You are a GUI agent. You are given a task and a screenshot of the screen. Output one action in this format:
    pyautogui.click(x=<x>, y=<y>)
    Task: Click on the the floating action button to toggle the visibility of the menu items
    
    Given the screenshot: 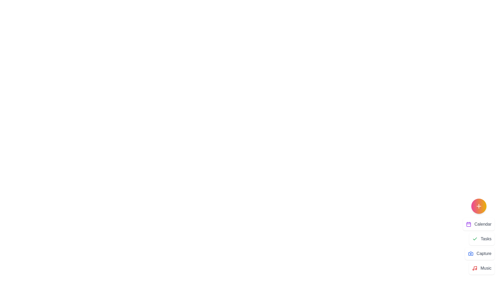 What is the action you would take?
    pyautogui.click(x=479, y=206)
    